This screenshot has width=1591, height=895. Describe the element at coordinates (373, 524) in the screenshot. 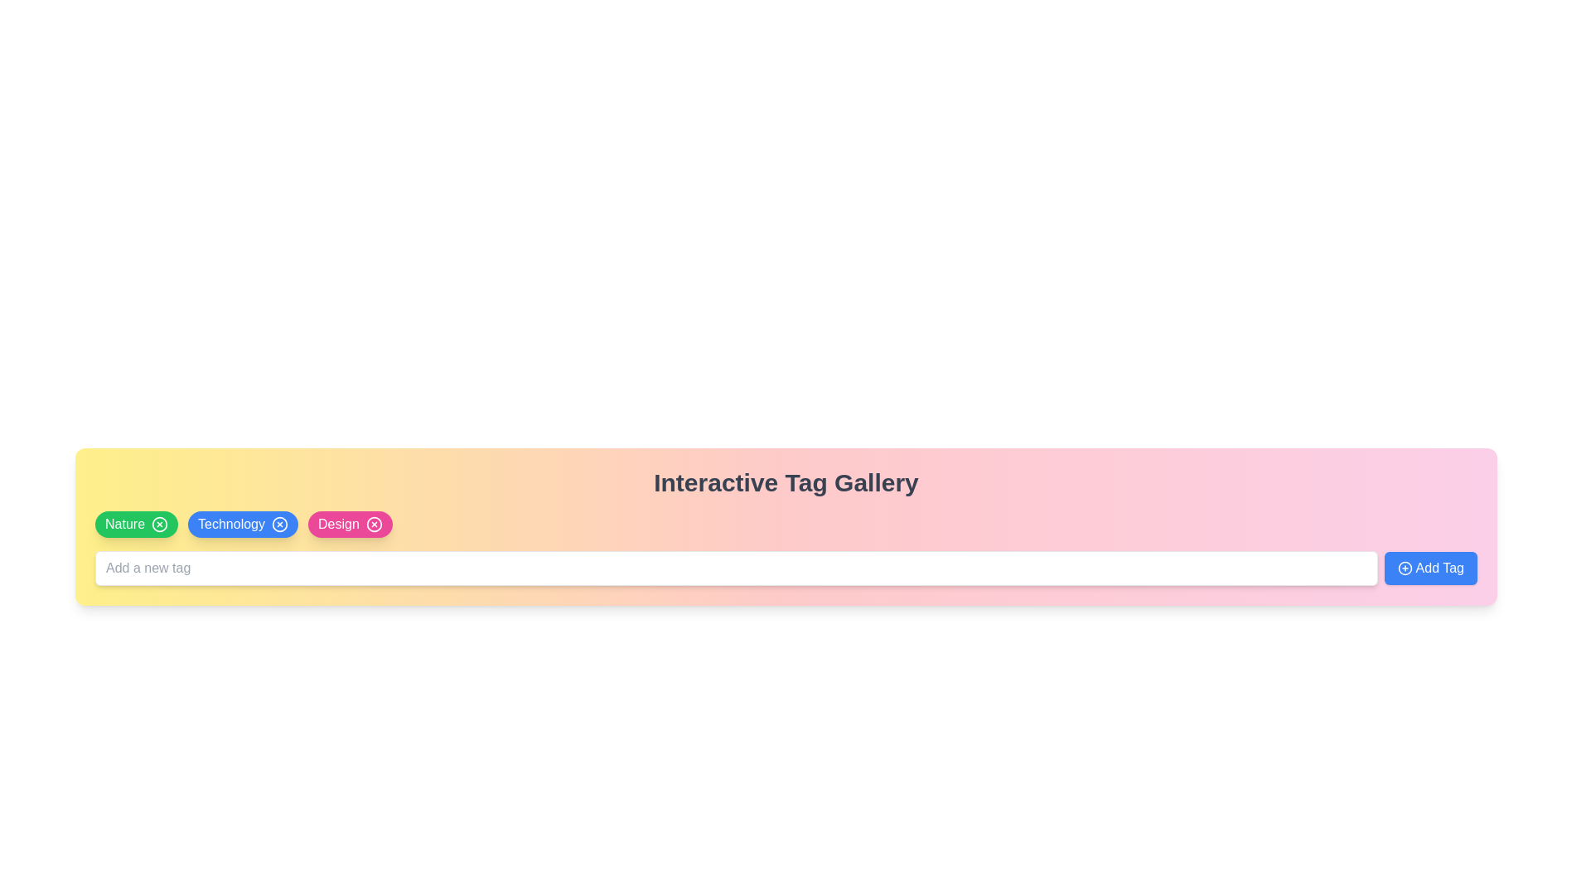

I see `the pink circle with a white outline that is part of the 'Design' tag` at that location.